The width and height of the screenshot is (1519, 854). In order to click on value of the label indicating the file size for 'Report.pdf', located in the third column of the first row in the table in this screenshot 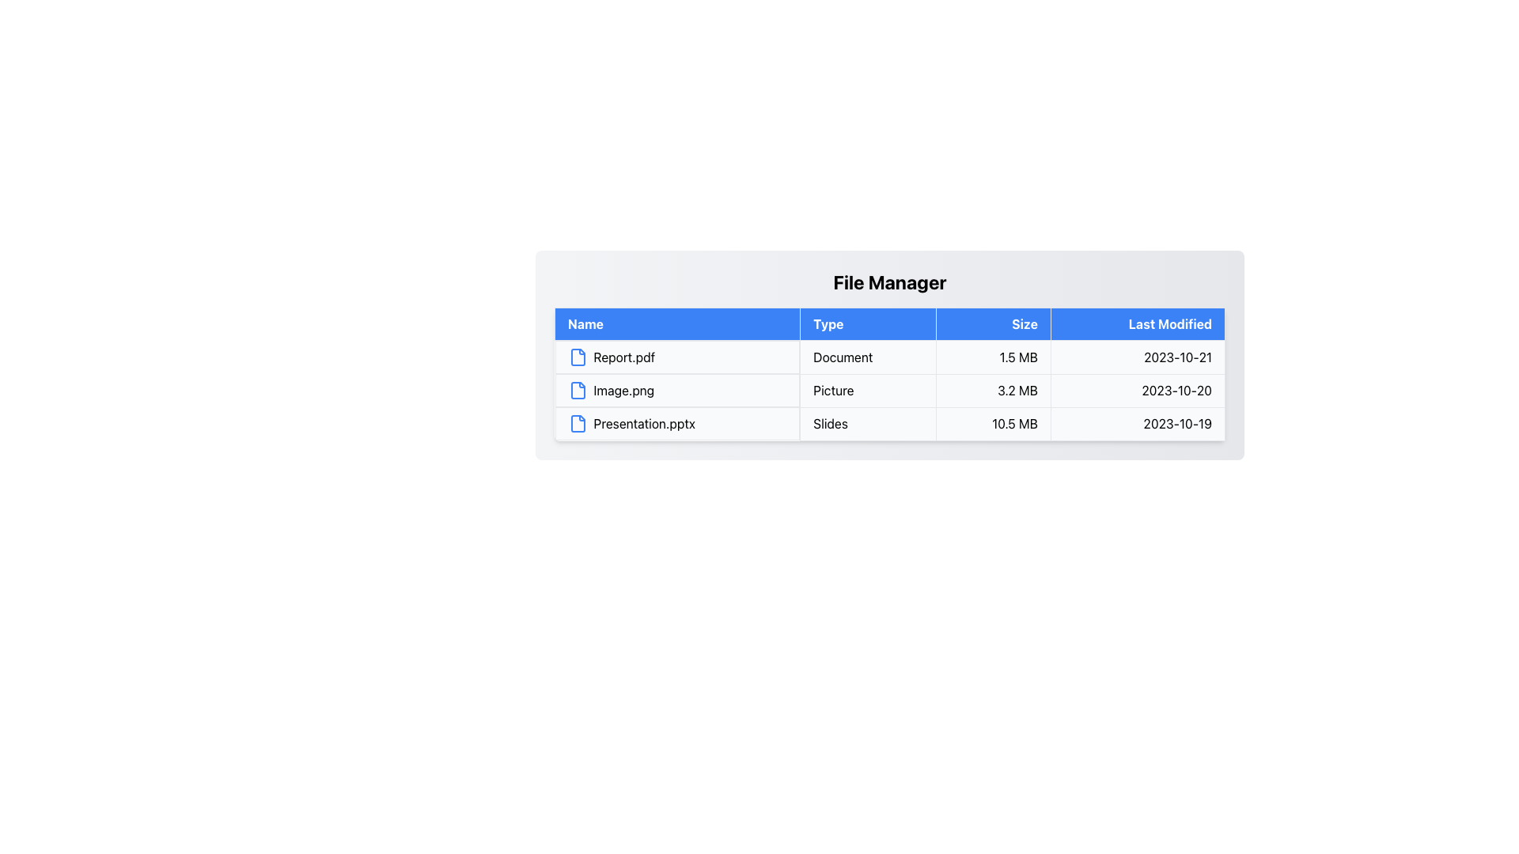, I will do `click(993, 357)`.